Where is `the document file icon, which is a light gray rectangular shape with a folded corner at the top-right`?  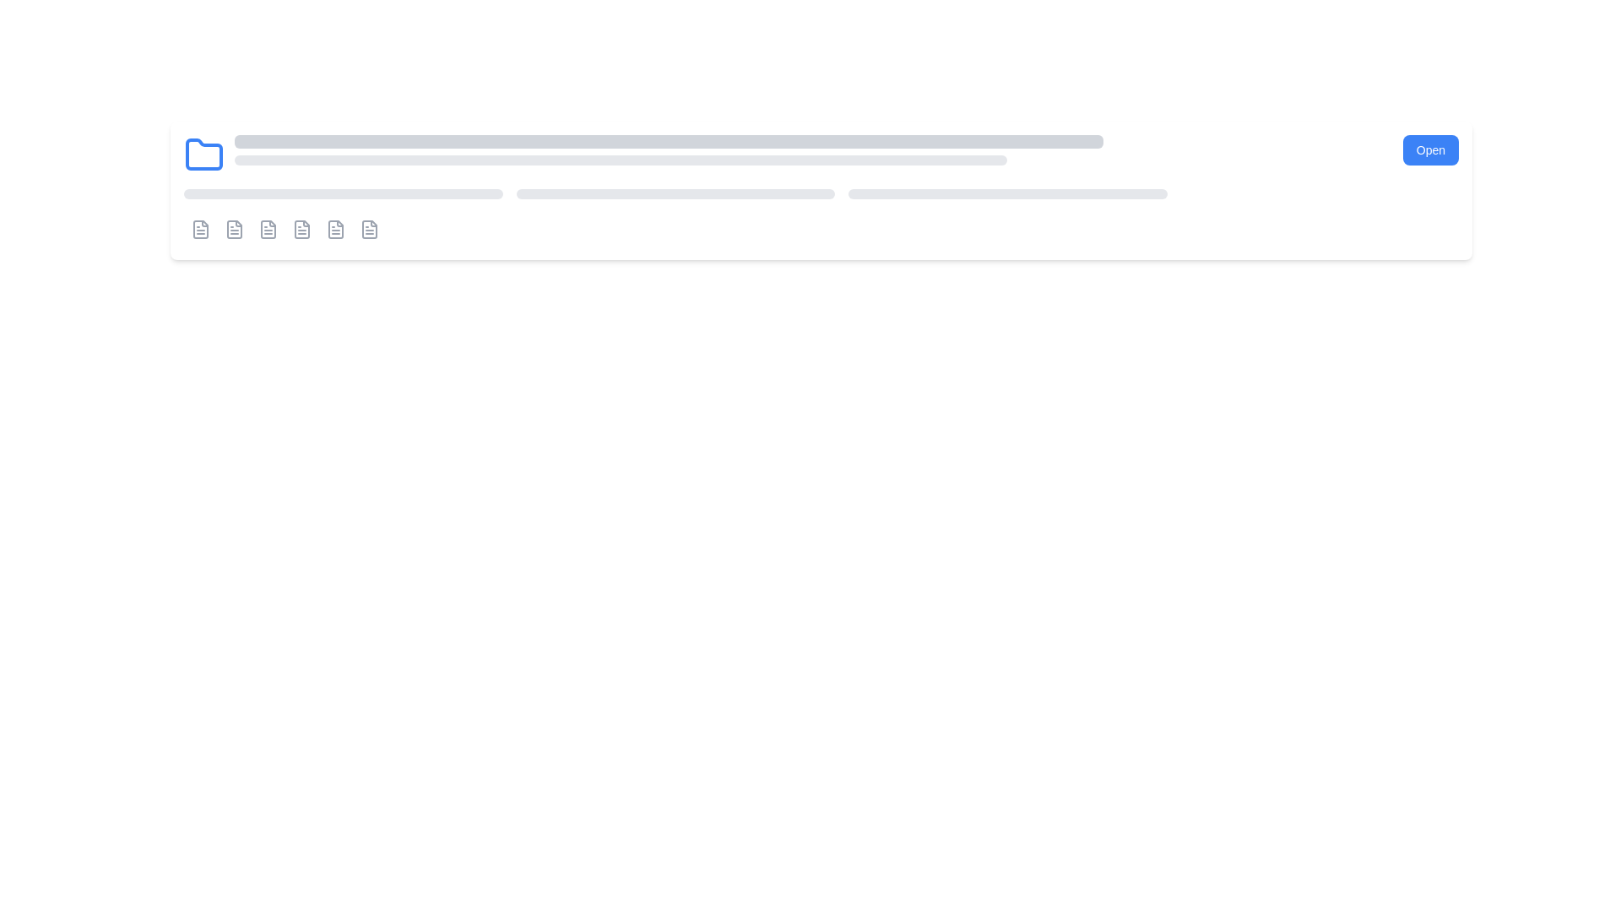
the document file icon, which is a light gray rectangular shape with a folded corner at the top-right is located at coordinates (234, 230).